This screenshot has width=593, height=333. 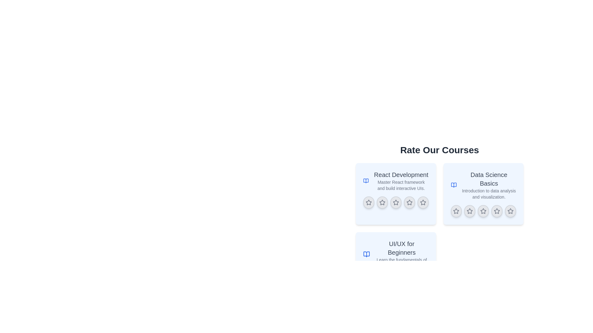 I want to click on the text section titled 'UI/UX for Beginners' which is centrally aligned within a light blue rectangular box, located in the bottom-left quadrant of the 'Rate Our Courses' section, so click(x=402, y=254).